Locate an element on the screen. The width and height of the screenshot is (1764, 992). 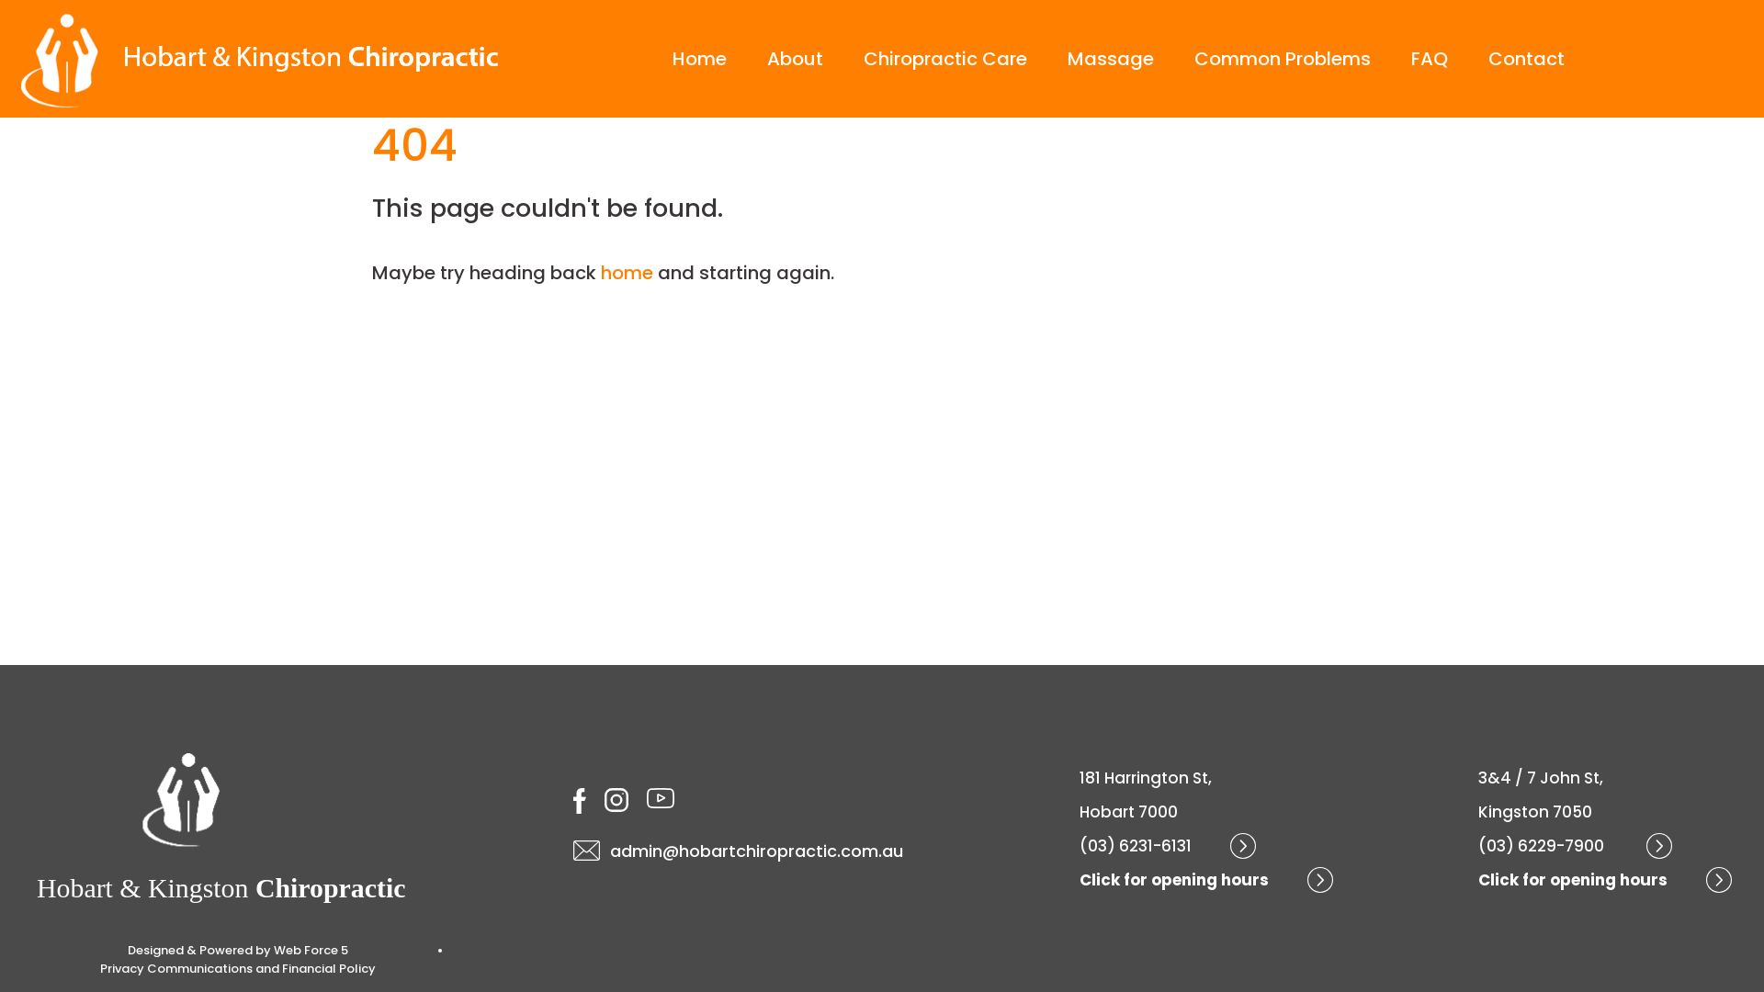
'Common Problems' is located at coordinates (1282, 58).